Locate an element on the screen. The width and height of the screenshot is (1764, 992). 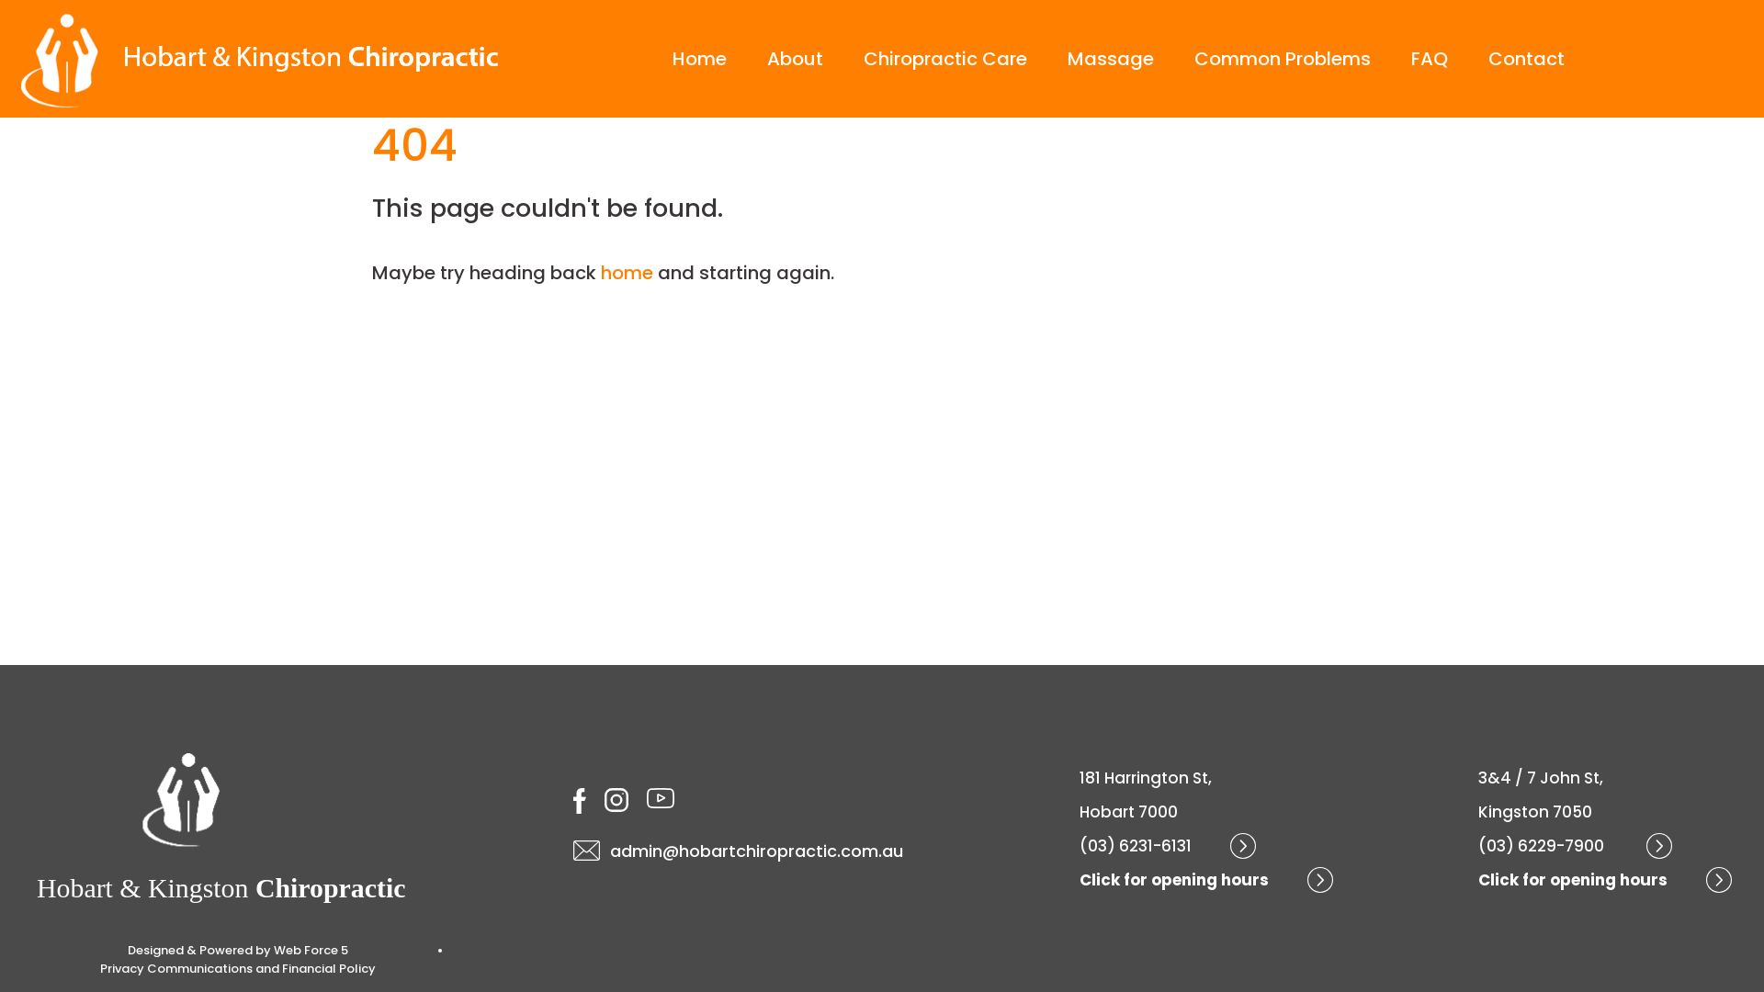
'Common Problems' is located at coordinates (1282, 58).